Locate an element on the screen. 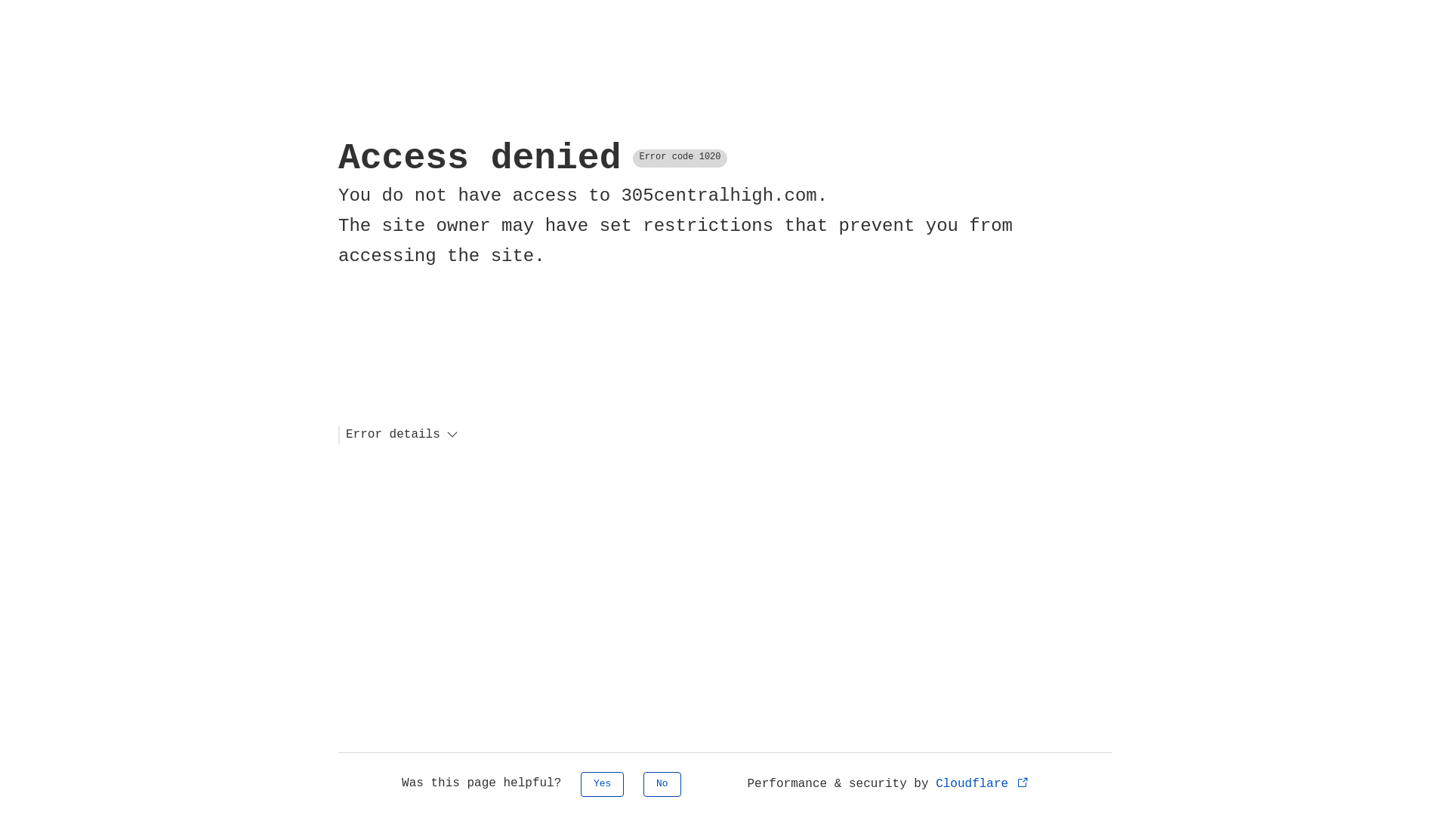 Image resolution: width=1450 pixels, height=815 pixels. 'Opens in new tab' is located at coordinates (1023, 781).